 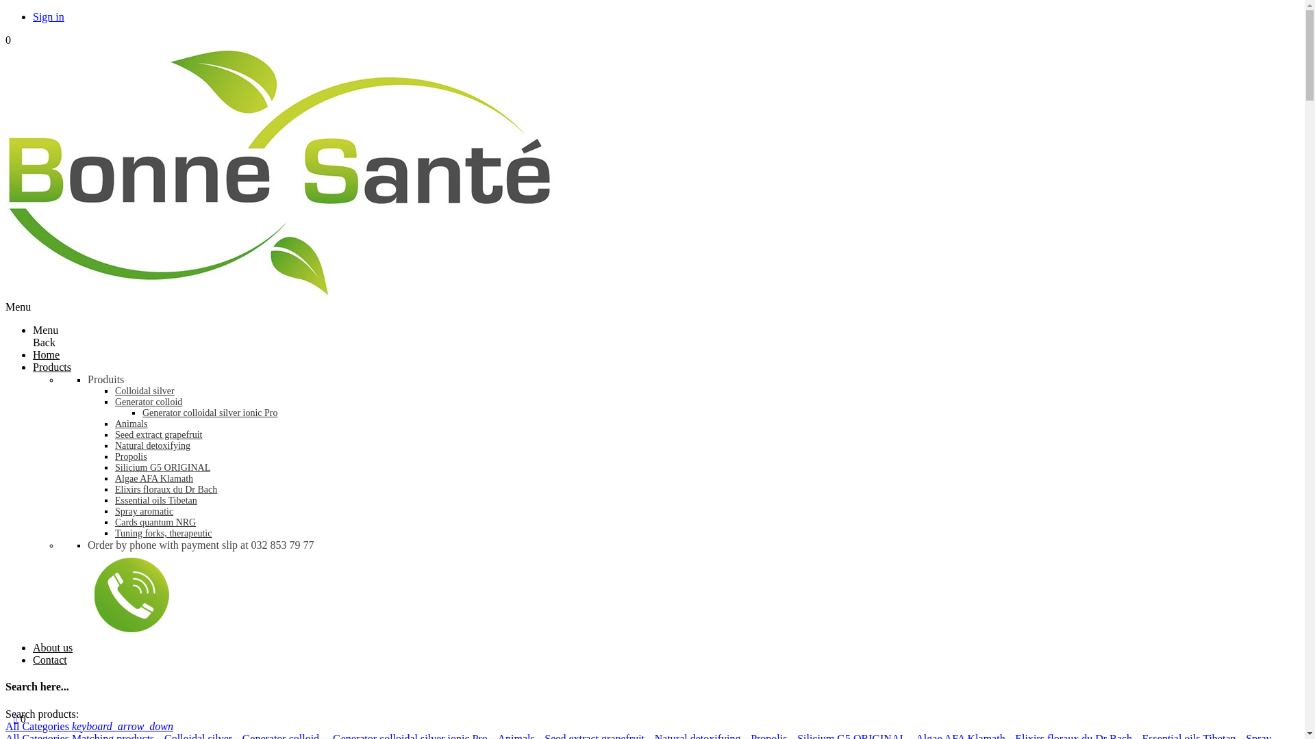 What do you see at coordinates (49, 16) in the screenshot?
I see `'Sign in'` at bounding box center [49, 16].